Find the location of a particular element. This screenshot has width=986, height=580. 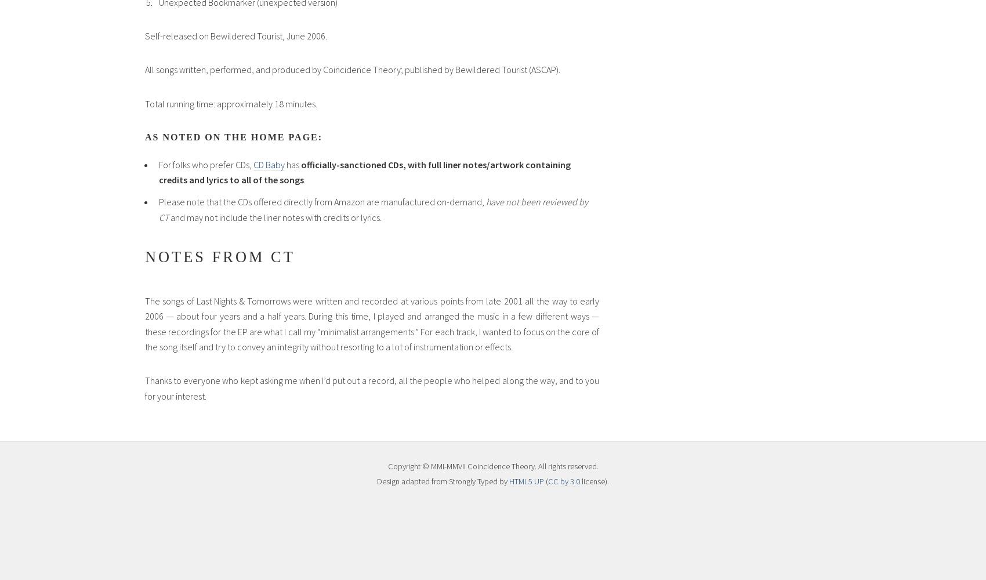

'CD Baby' is located at coordinates (269, 164).